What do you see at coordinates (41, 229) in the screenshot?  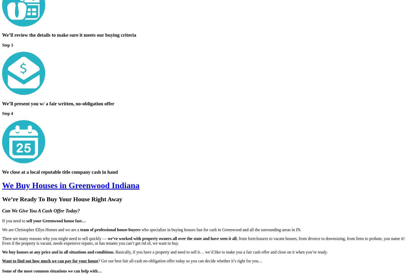 I see `'We are Christopher Ellyn Homes  and we are a'` at bounding box center [41, 229].